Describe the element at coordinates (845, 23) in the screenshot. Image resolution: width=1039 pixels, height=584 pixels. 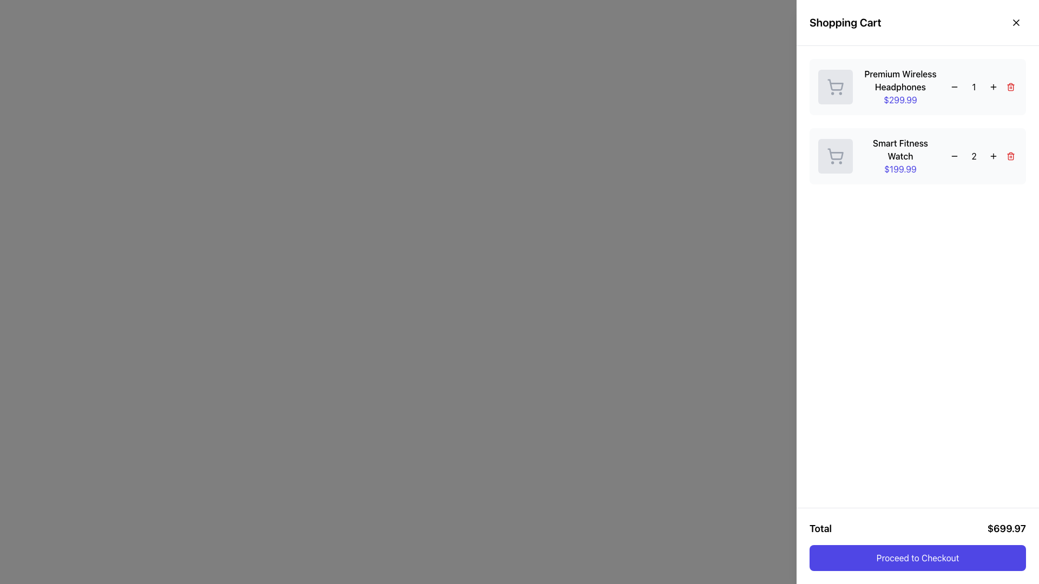
I see `the 'Shopping Cart' text label, which is styled with a bold font and located at the top-left corner of the header in the right panel of the interface` at that location.